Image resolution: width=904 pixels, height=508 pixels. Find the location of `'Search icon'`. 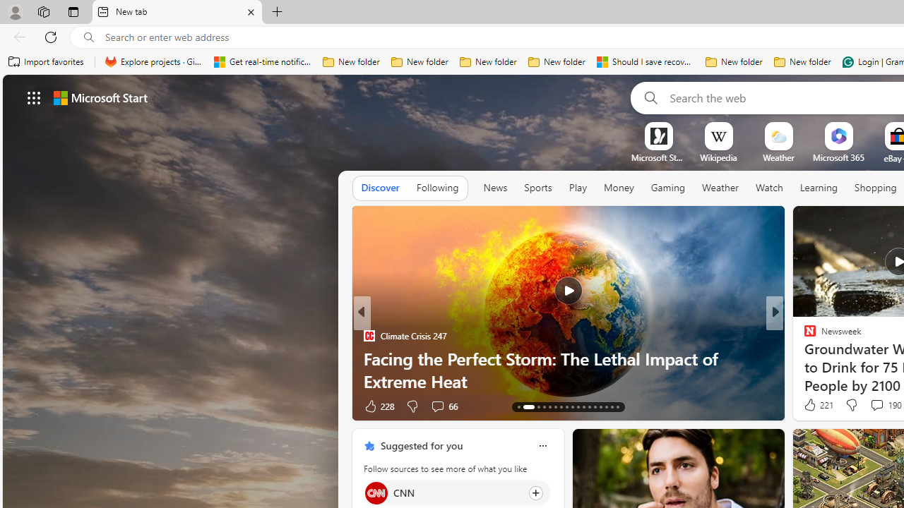

'Search icon' is located at coordinates (88, 37).